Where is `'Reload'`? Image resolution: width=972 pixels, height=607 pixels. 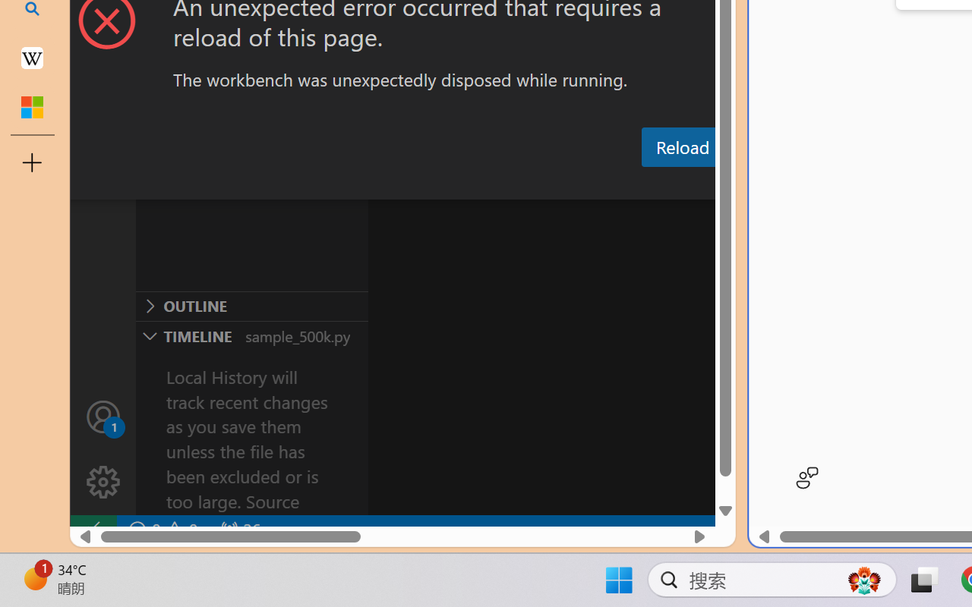
'Reload' is located at coordinates (681, 146).